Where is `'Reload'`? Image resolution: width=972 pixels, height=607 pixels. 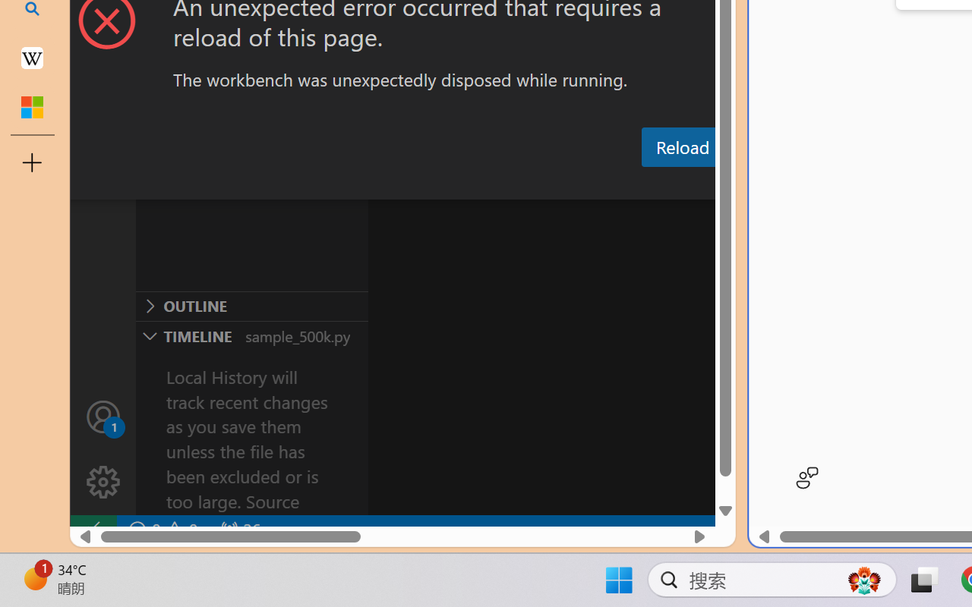
'Reload' is located at coordinates (681, 146).